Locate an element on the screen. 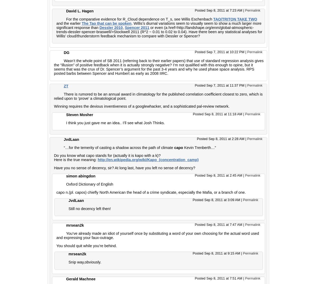  'Have you no sense of decency, sir? At long last, have you left no sense of decency?' is located at coordinates (53, 167).